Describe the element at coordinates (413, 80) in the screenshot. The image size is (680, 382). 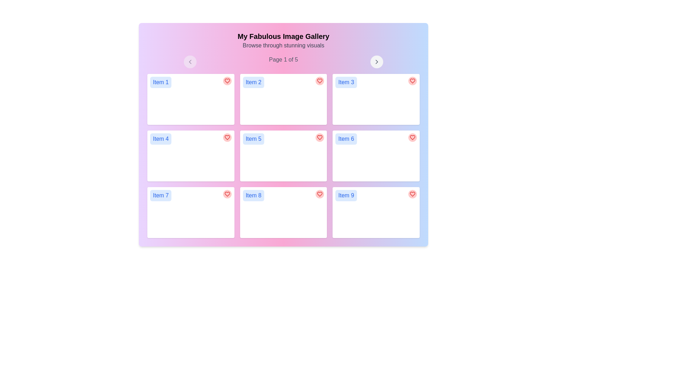
I see `the circular icon in the top-right corner of the 'Item 3' card` at that location.